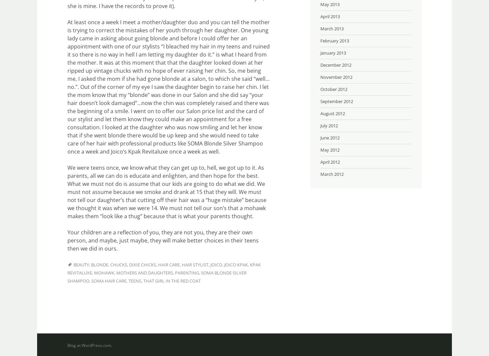 This screenshot has height=356, width=489. Describe the element at coordinates (135, 280) in the screenshot. I see `'teens'` at that location.